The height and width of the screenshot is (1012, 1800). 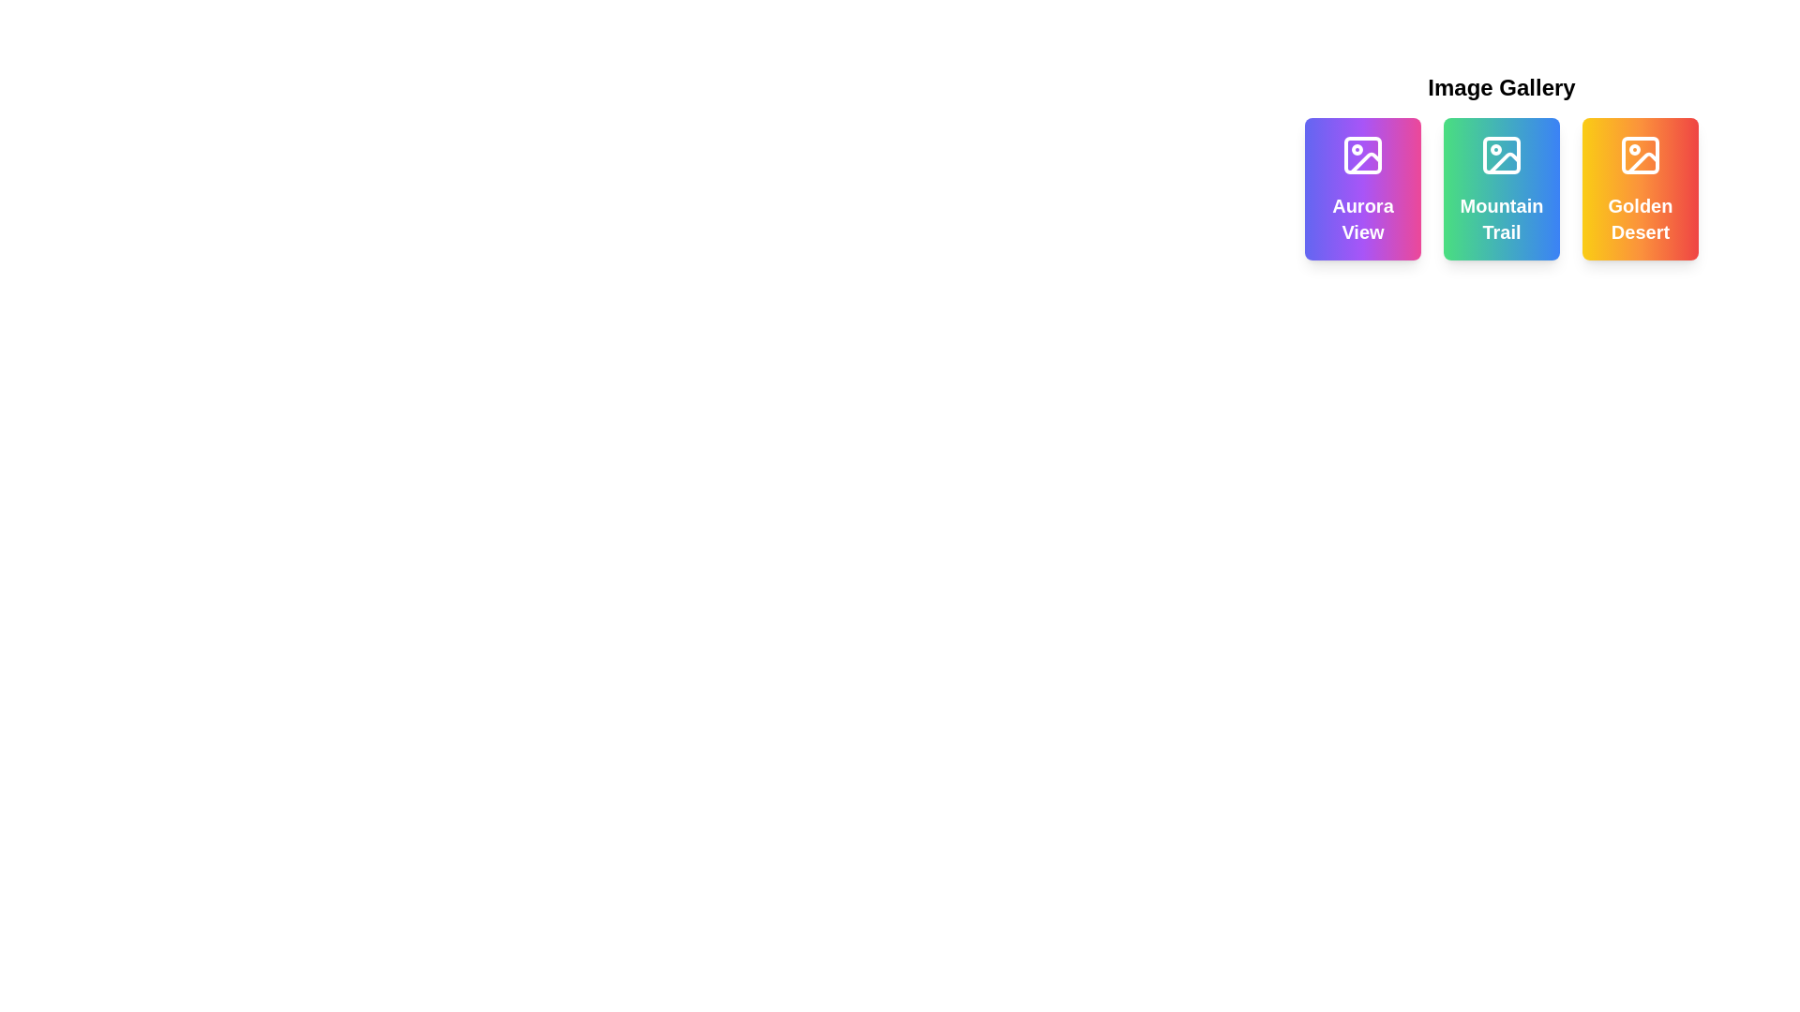 What do you see at coordinates (1640, 188) in the screenshot?
I see `the rectangular card with a gradient background transitioning from yellow to orange to red, which contains a centered white icon of an image and the text 'Golden Desert' in bold white letters beneath the icon` at bounding box center [1640, 188].